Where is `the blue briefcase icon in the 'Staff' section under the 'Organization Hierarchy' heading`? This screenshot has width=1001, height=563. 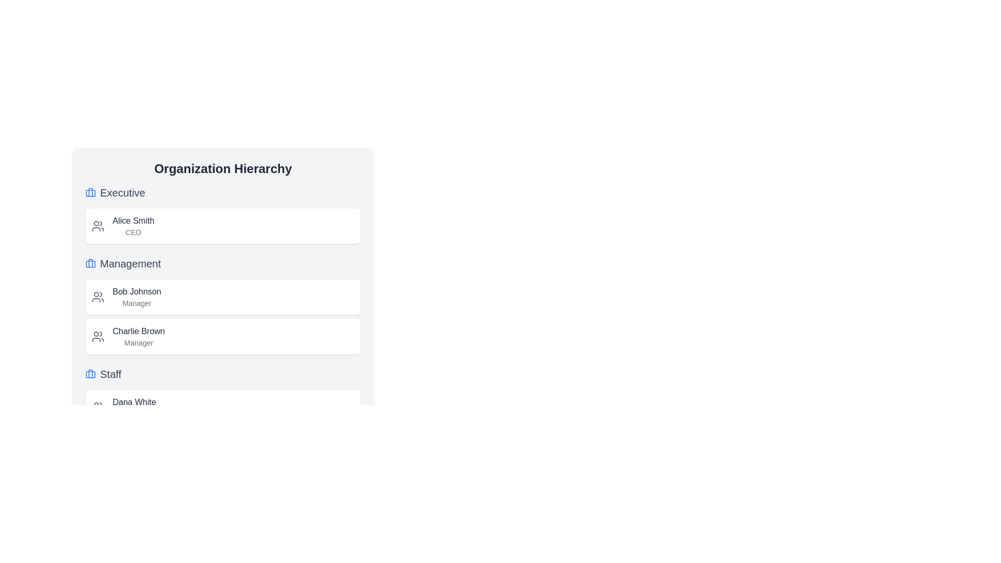
the blue briefcase icon in the 'Staff' section under the 'Organization Hierarchy' heading is located at coordinates (90, 373).